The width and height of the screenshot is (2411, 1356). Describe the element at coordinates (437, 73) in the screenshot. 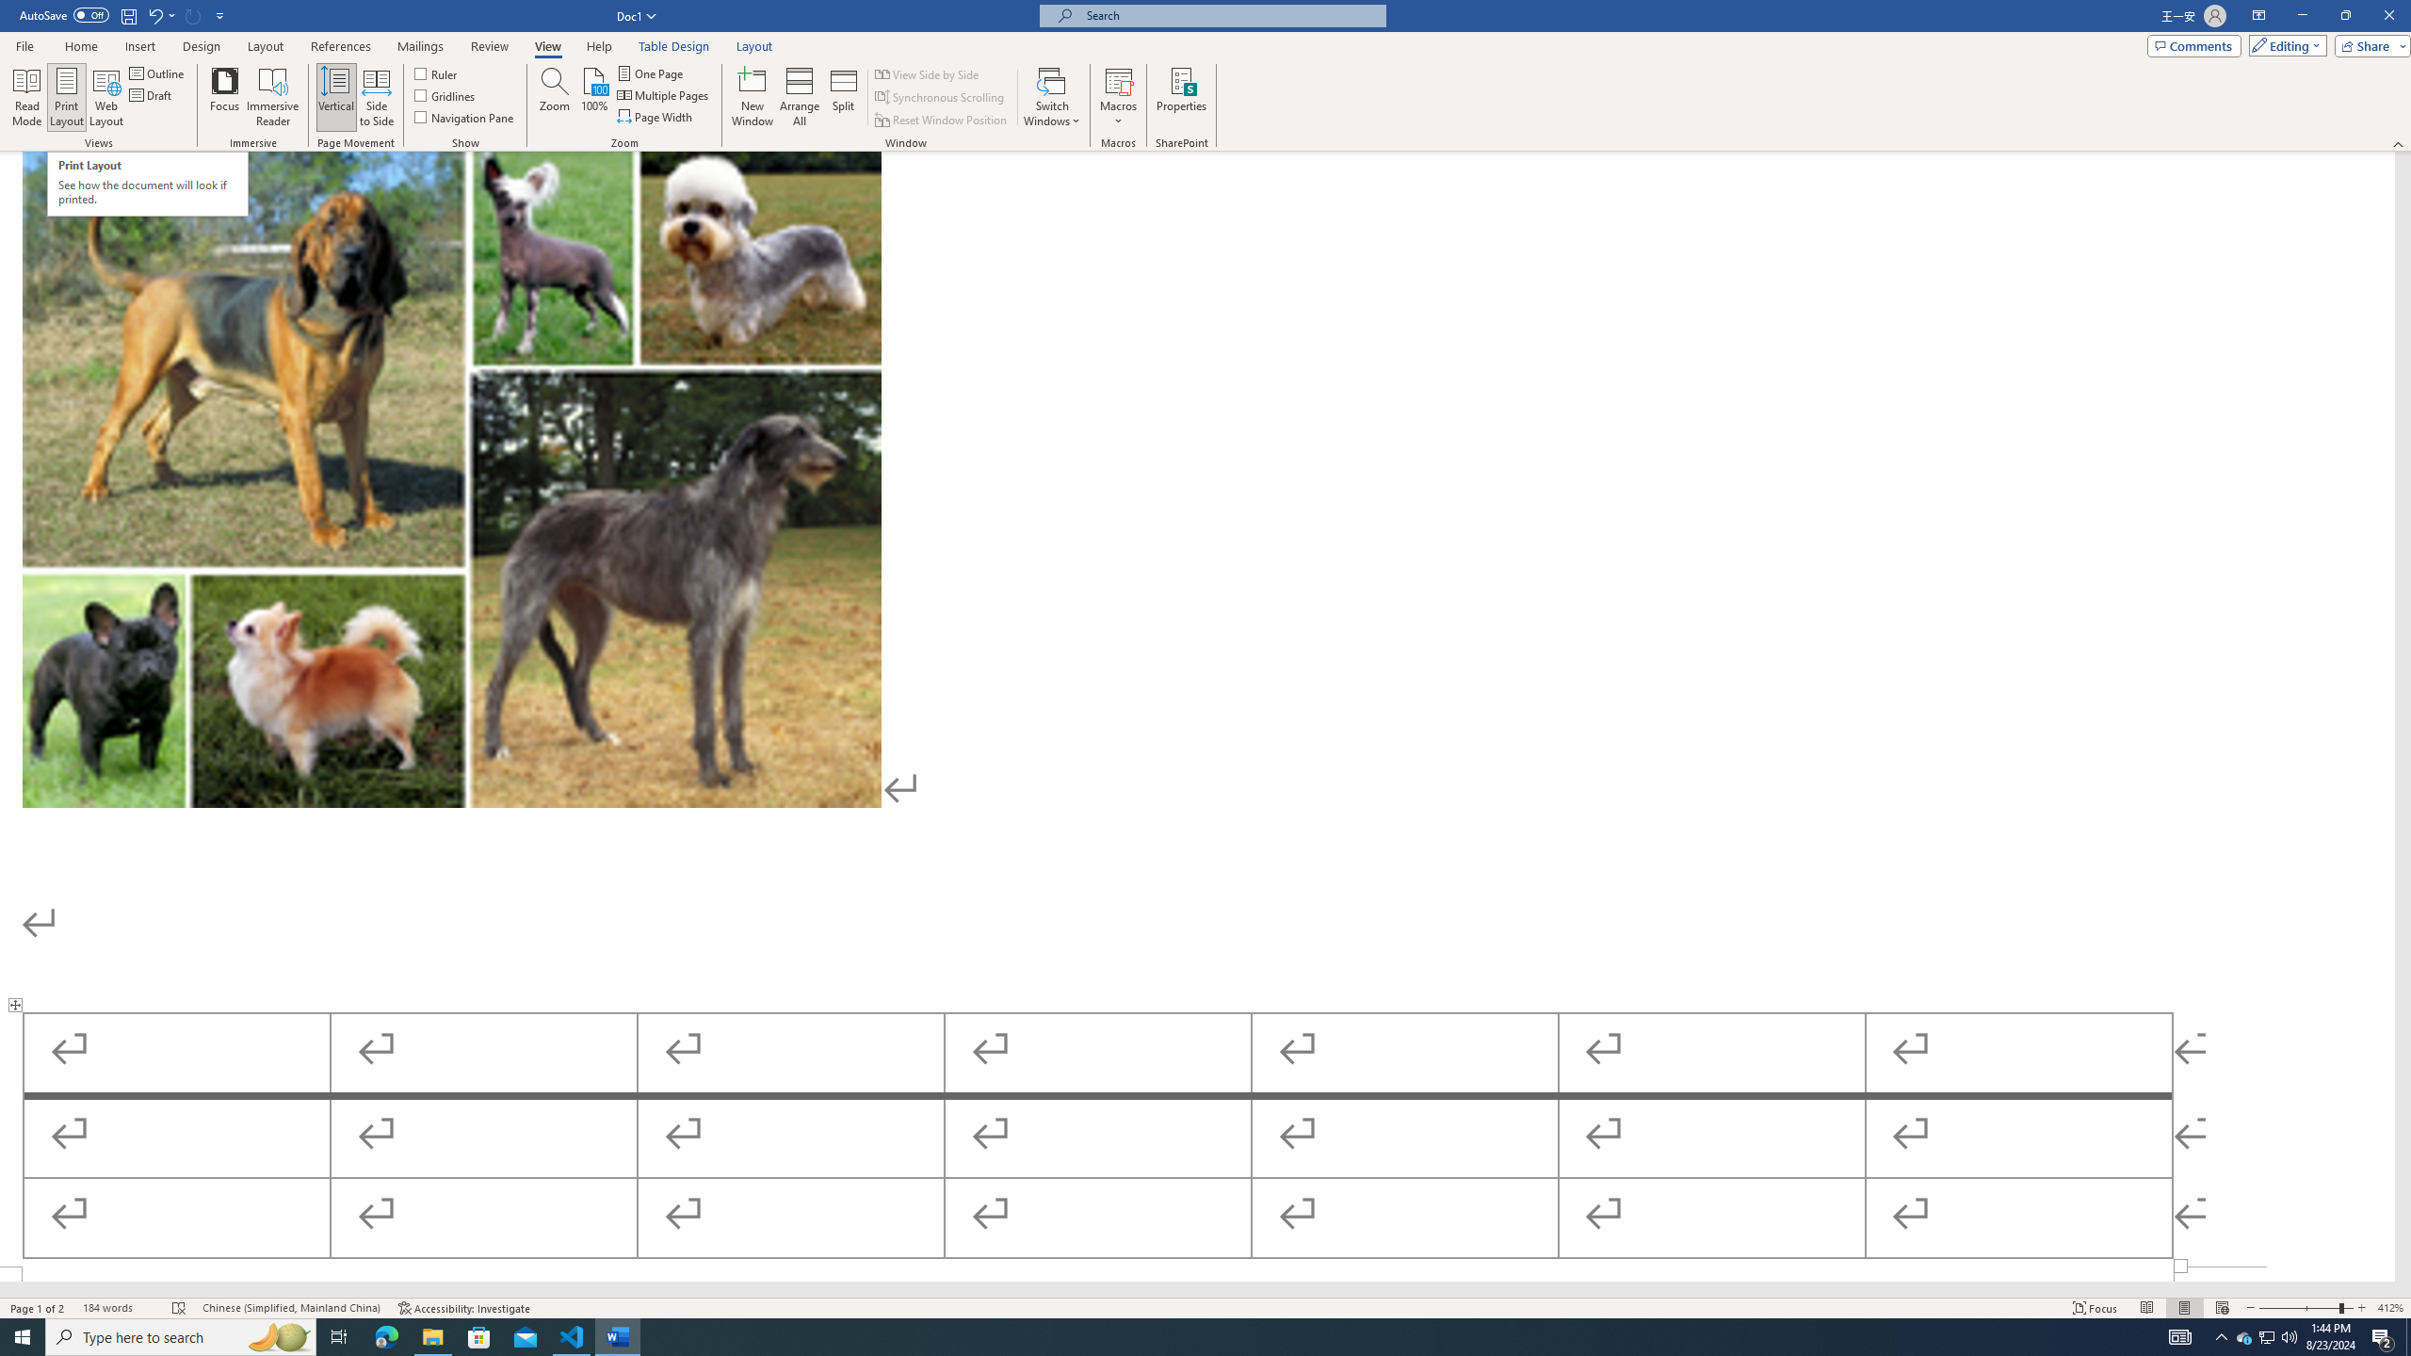

I see `'Ruler'` at that location.